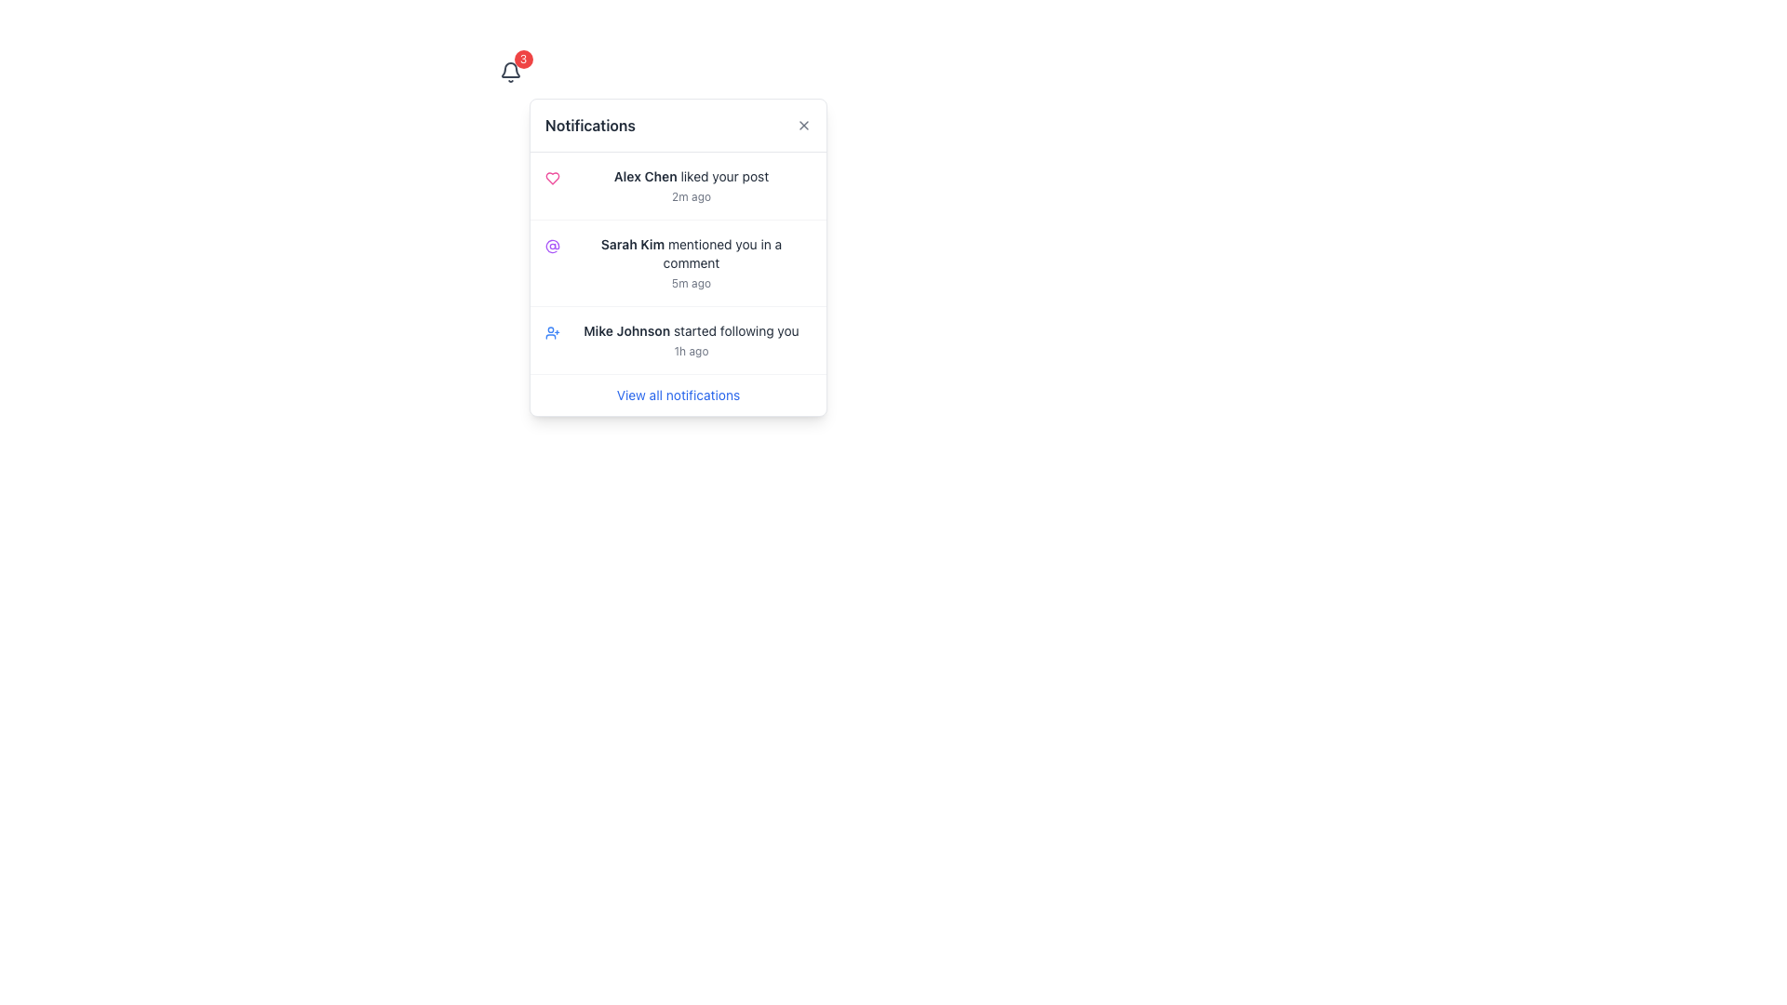 The image size is (1787, 1005). I want to click on static text label indicating the time elapsed since the action occurred, which is positioned below the notification 'Alex Chen liked your post', so click(691, 197).